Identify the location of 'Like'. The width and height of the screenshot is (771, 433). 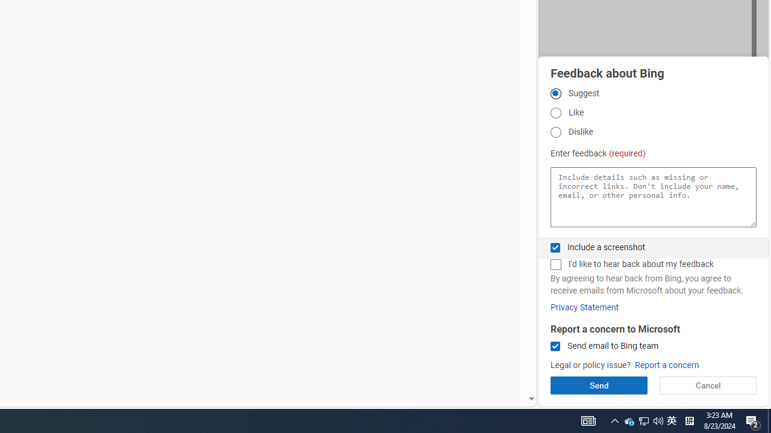
(555, 113).